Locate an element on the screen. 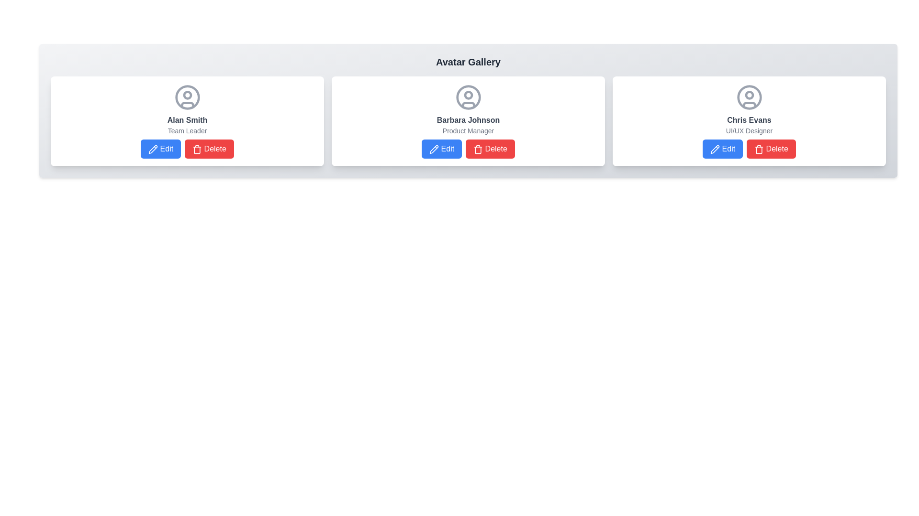 Image resolution: width=919 pixels, height=516 pixels. the text label displaying 'Barbara Johnson', which is styled in bold dark gray and positioned below the user avatar icon in the central card of a three-card layout is located at coordinates (468, 119).